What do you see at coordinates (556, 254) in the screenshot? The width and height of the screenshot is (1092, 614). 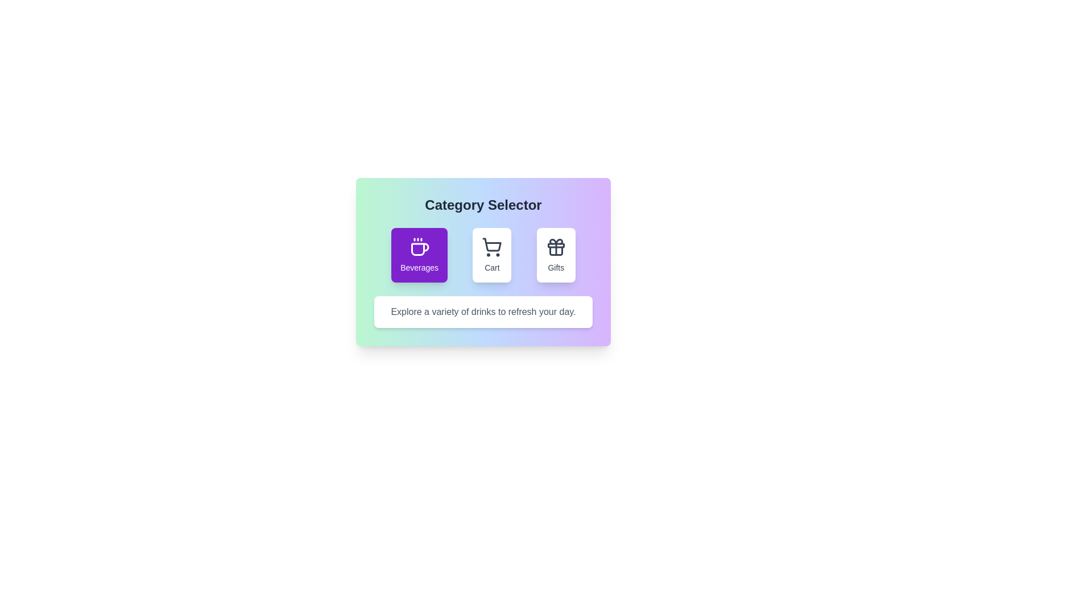 I see `the 'Gifts' category button` at bounding box center [556, 254].